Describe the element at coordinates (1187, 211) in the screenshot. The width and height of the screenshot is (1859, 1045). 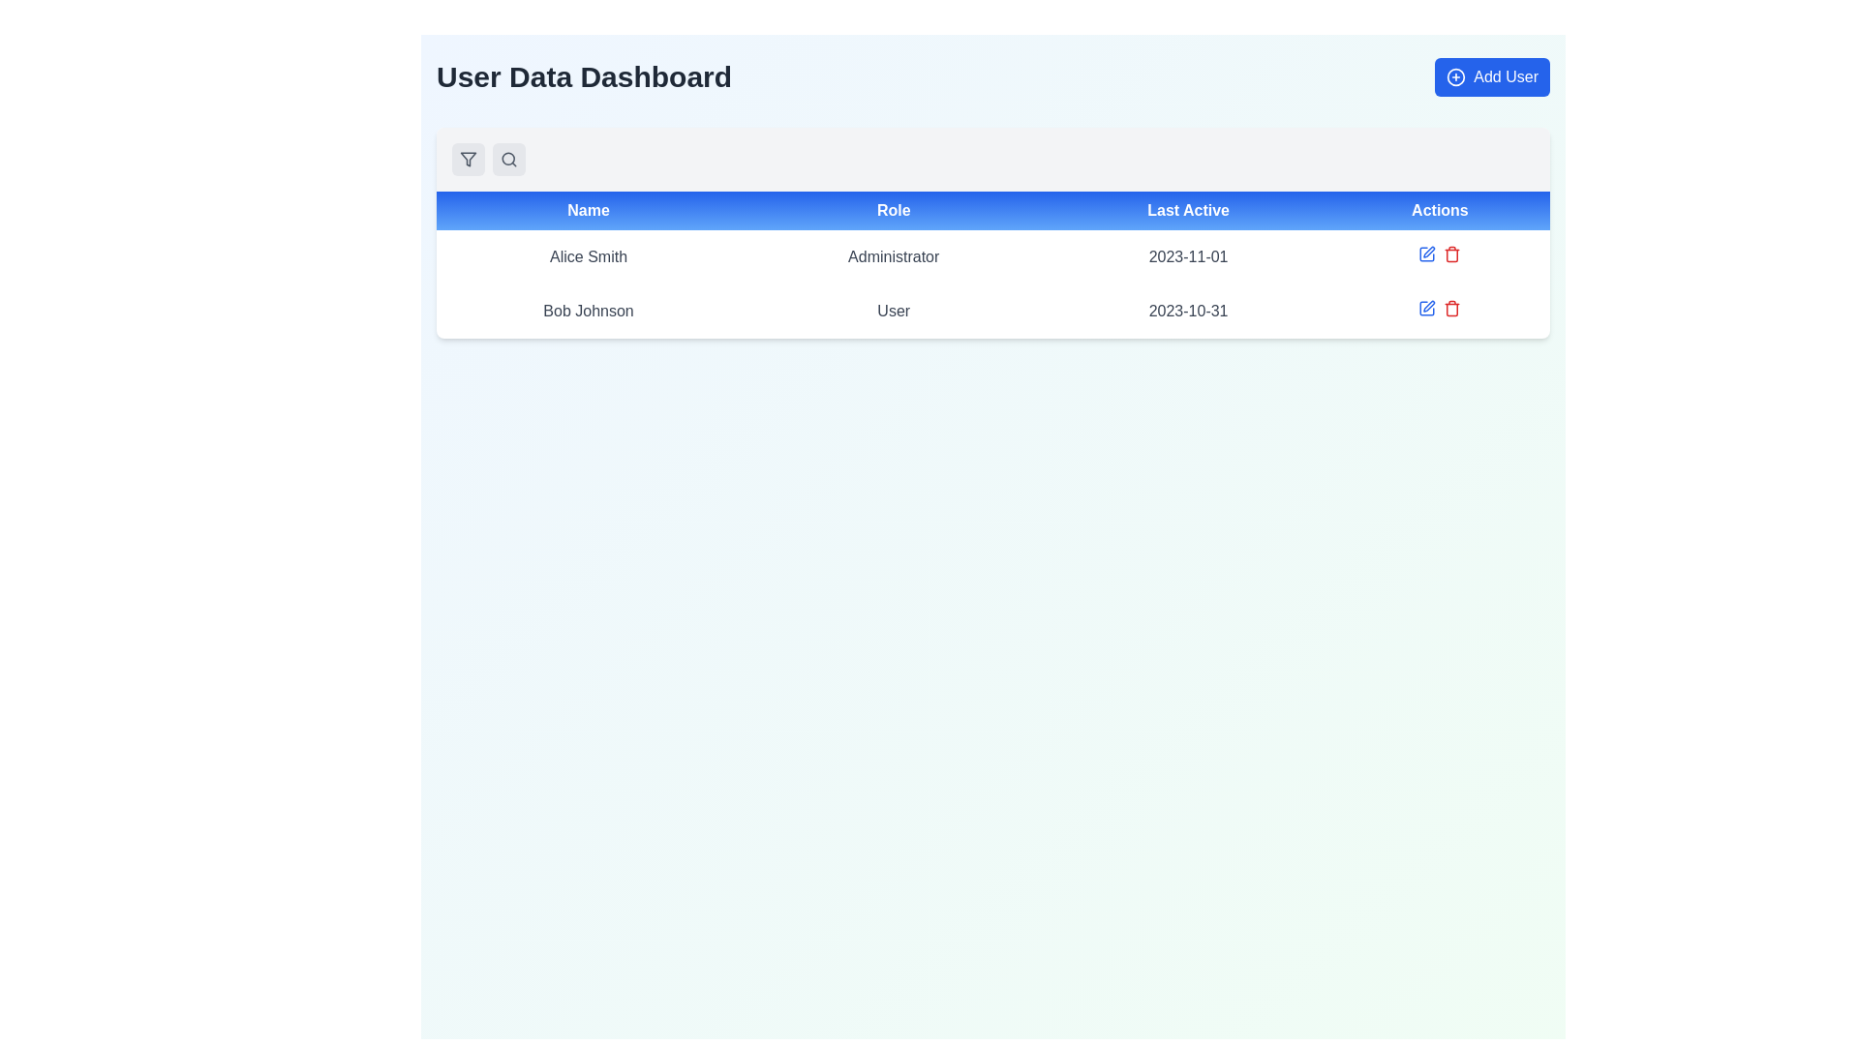
I see `the 'Last Active' label, which is a white text label on a blue background located in the header row of a table, centered between the 'Role' and 'Actions' labels` at that location.